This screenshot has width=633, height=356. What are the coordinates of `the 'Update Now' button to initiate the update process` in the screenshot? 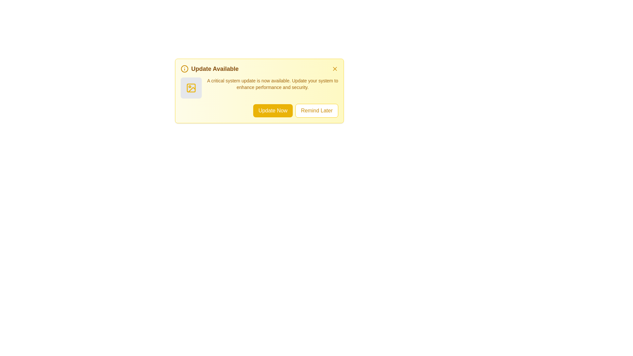 It's located at (273, 110).